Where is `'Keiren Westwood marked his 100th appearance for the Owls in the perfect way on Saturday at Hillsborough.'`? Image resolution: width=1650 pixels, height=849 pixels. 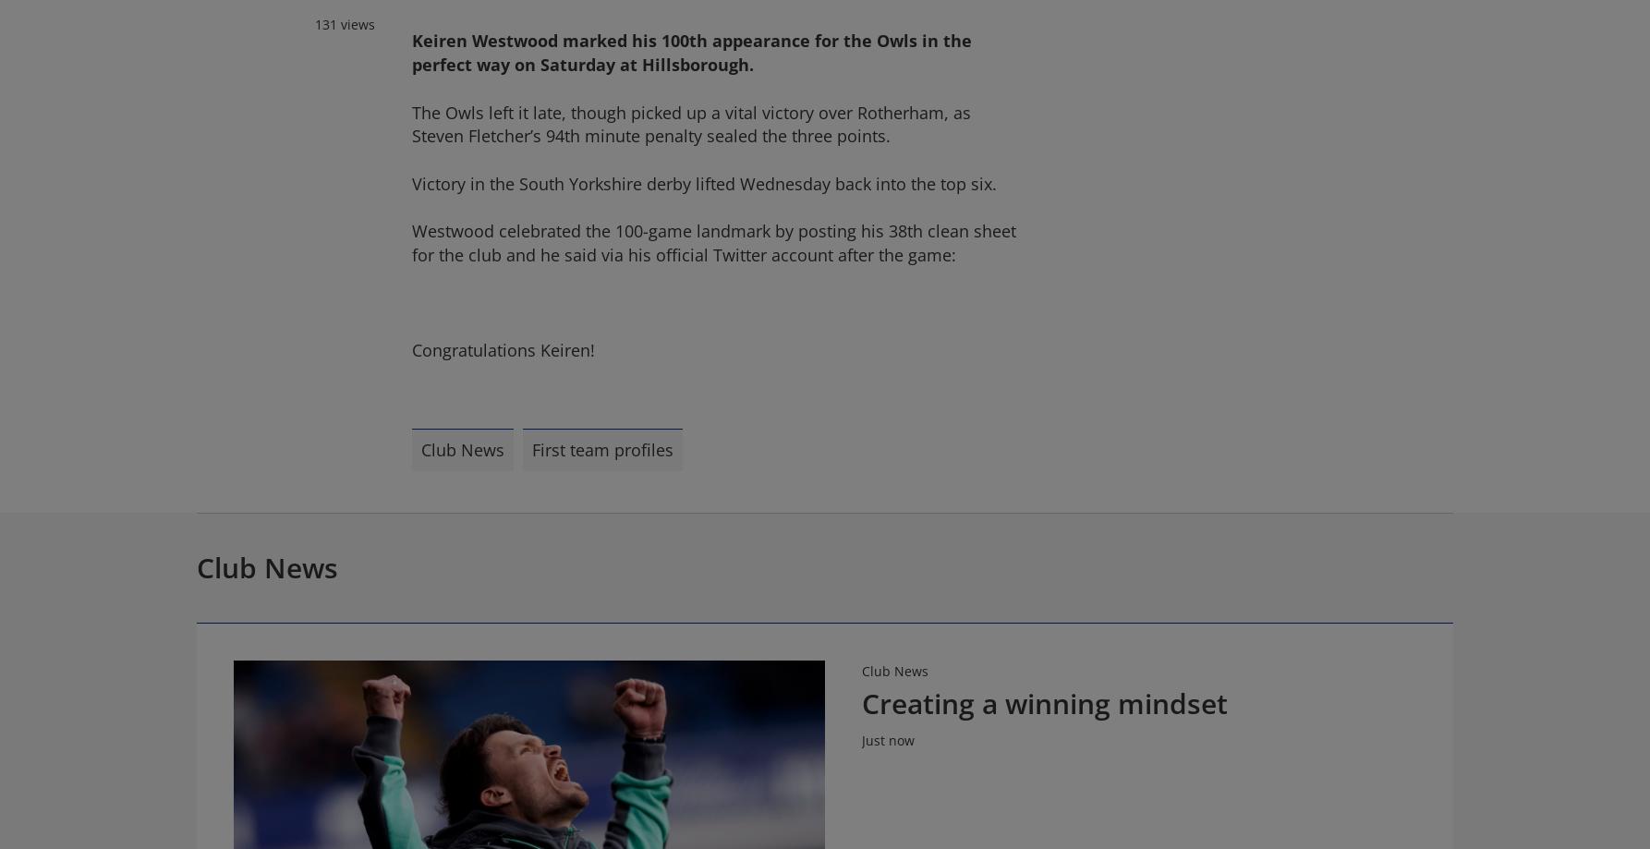 'Keiren Westwood marked his 100th appearance for the Owls in the perfect way on Saturday at Hillsborough.' is located at coordinates (691, 52).